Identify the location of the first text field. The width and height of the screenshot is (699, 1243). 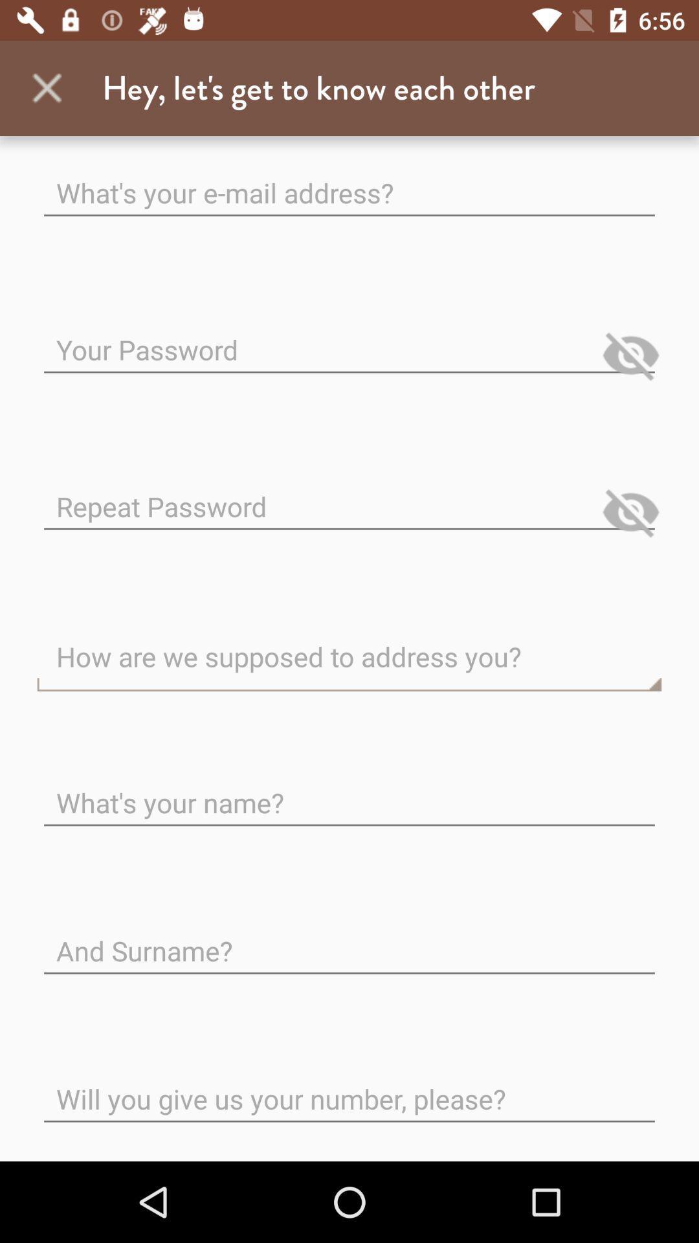
(349, 182).